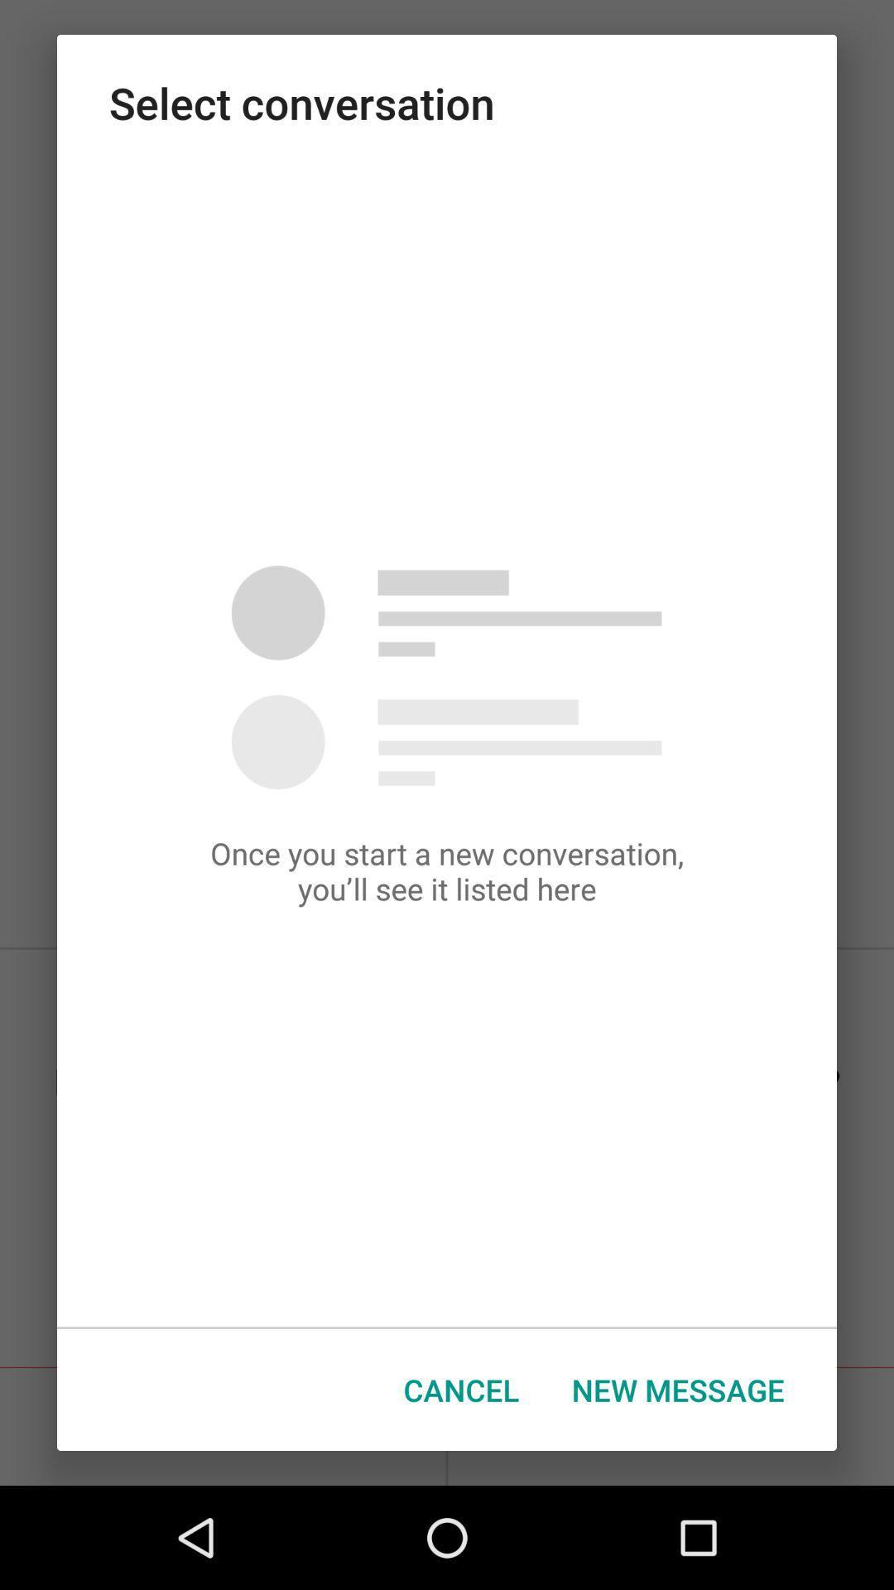 The width and height of the screenshot is (894, 1590). What do you see at coordinates (678, 1390) in the screenshot?
I see `icon next to the cancel` at bounding box center [678, 1390].